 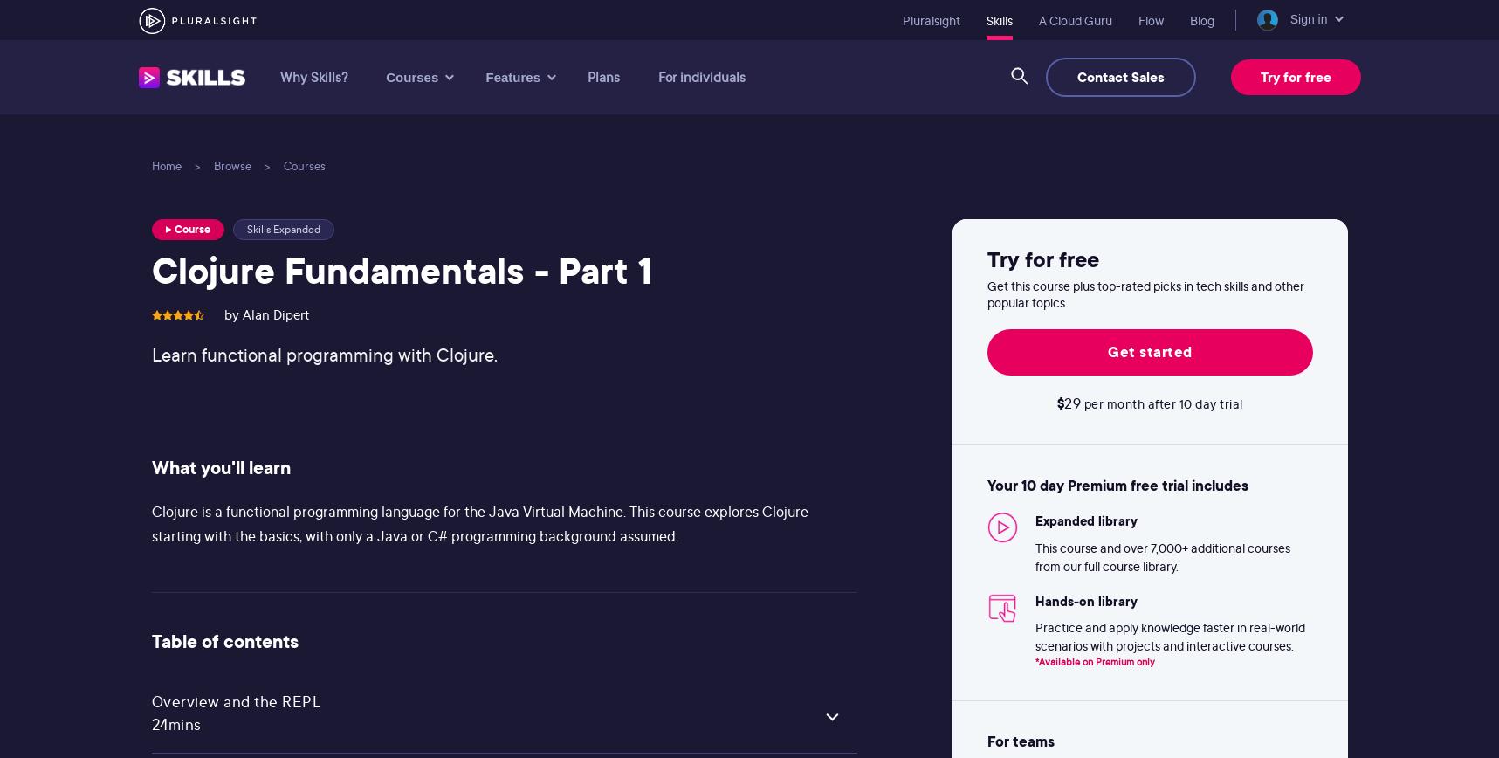 What do you see at coordinates (987, 486) in the screenshot?
I see `'Your 10 day Premium free trial includes'` at bounding box center [987, 486].